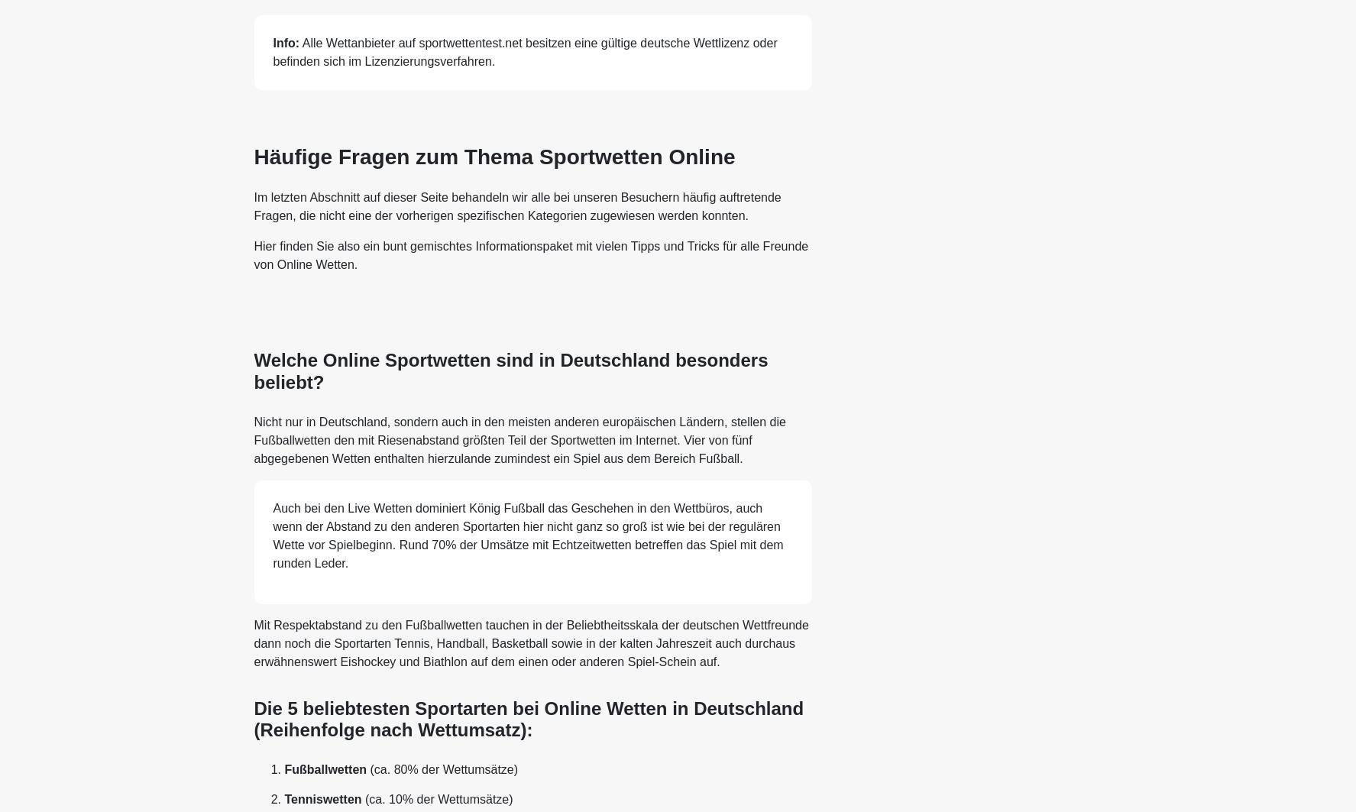 The image size is (1356, 812). I want to click on 'Häufige Fragen zum Thema Sportwetten Online', so click(493, 156).